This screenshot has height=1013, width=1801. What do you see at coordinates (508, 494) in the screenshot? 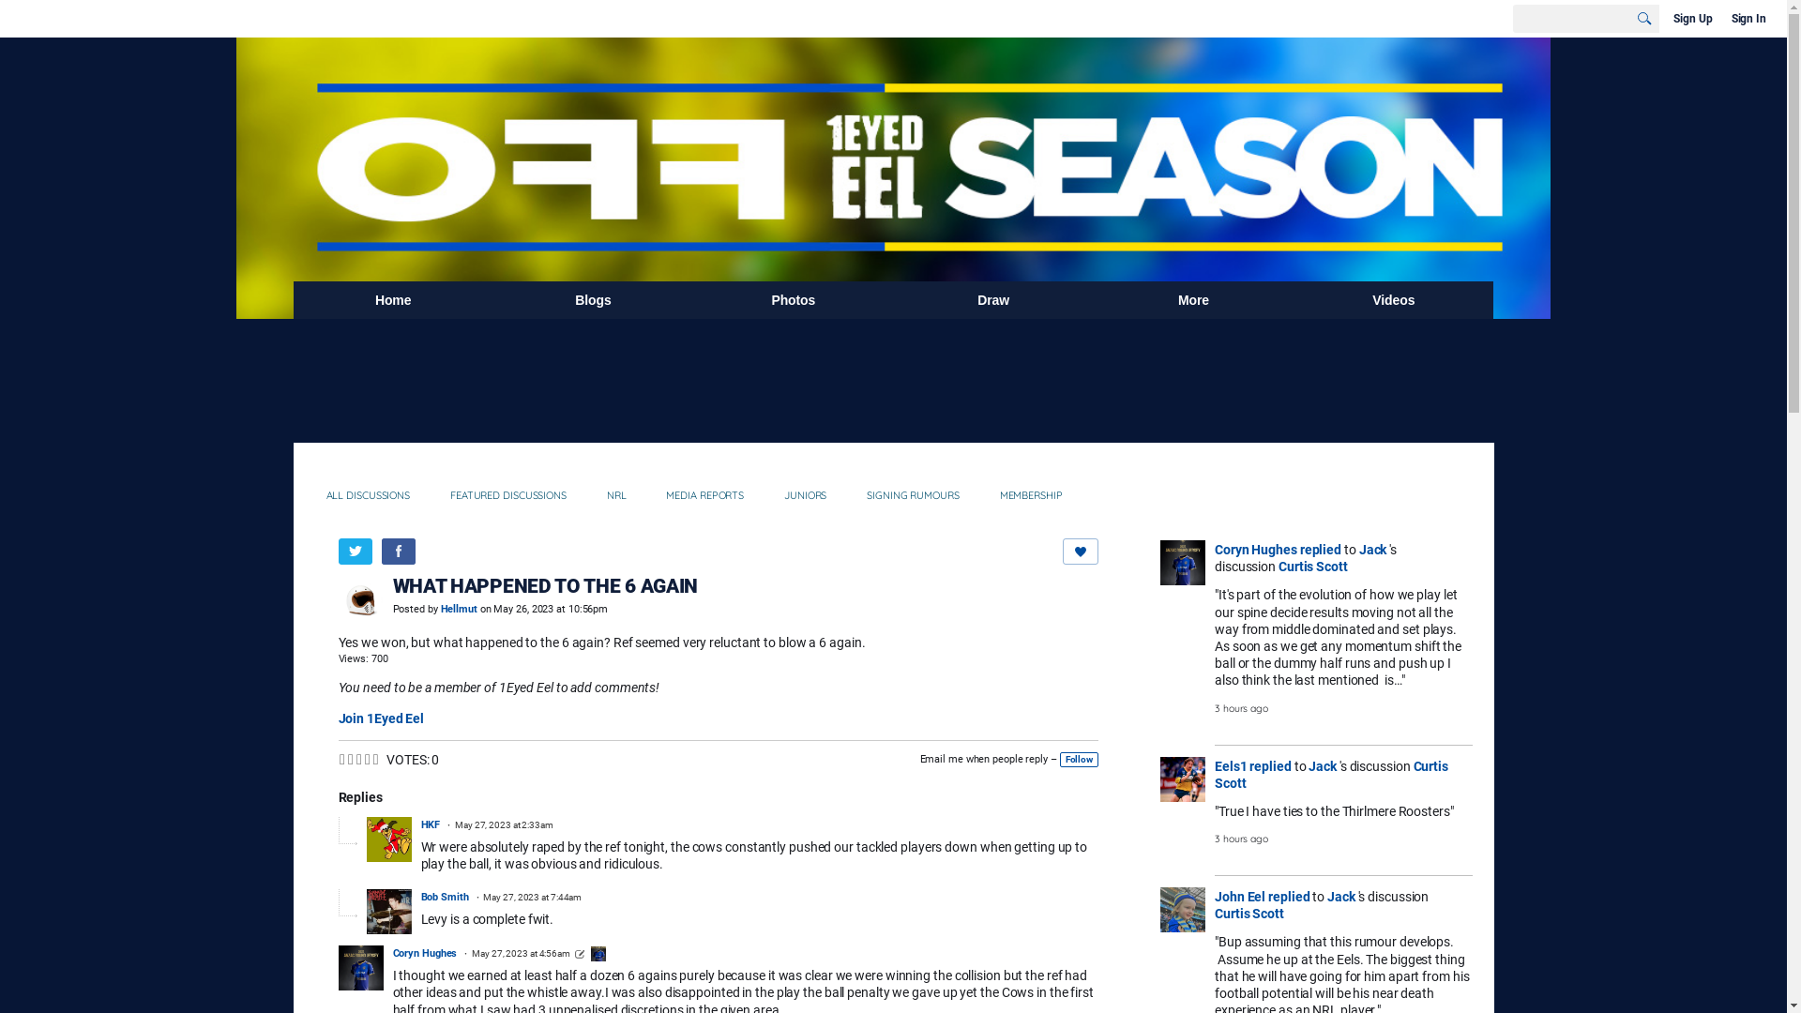
I see `'FEATURED DISCUSSIONS'` at bounding box center [508, 494].